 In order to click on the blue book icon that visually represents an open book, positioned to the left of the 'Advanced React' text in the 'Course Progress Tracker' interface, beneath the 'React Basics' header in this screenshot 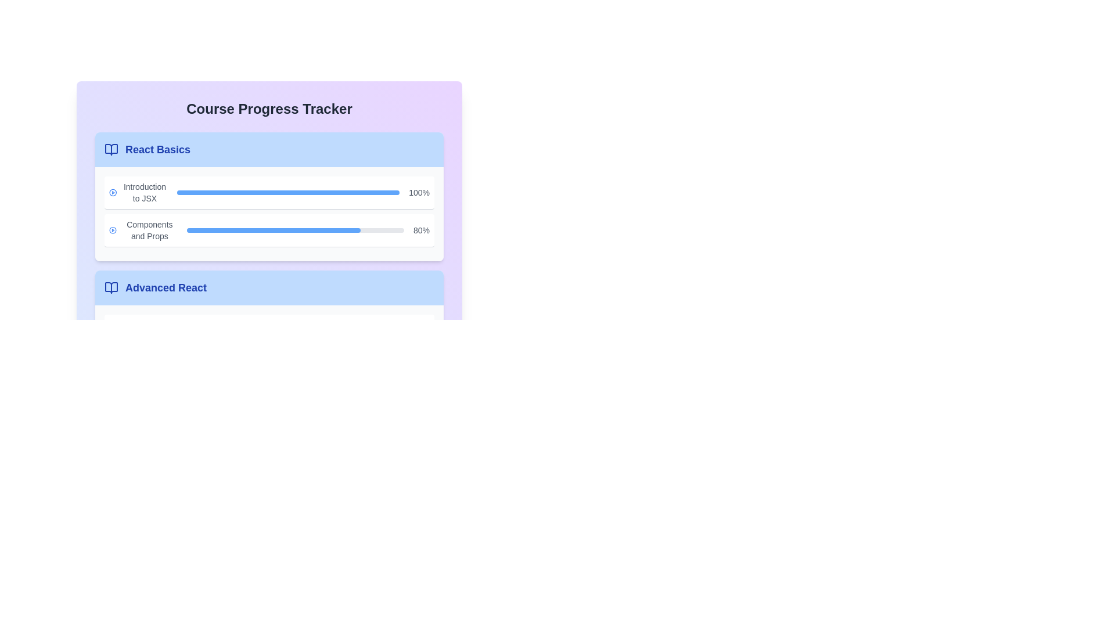, I will do `click(111, 287)`.